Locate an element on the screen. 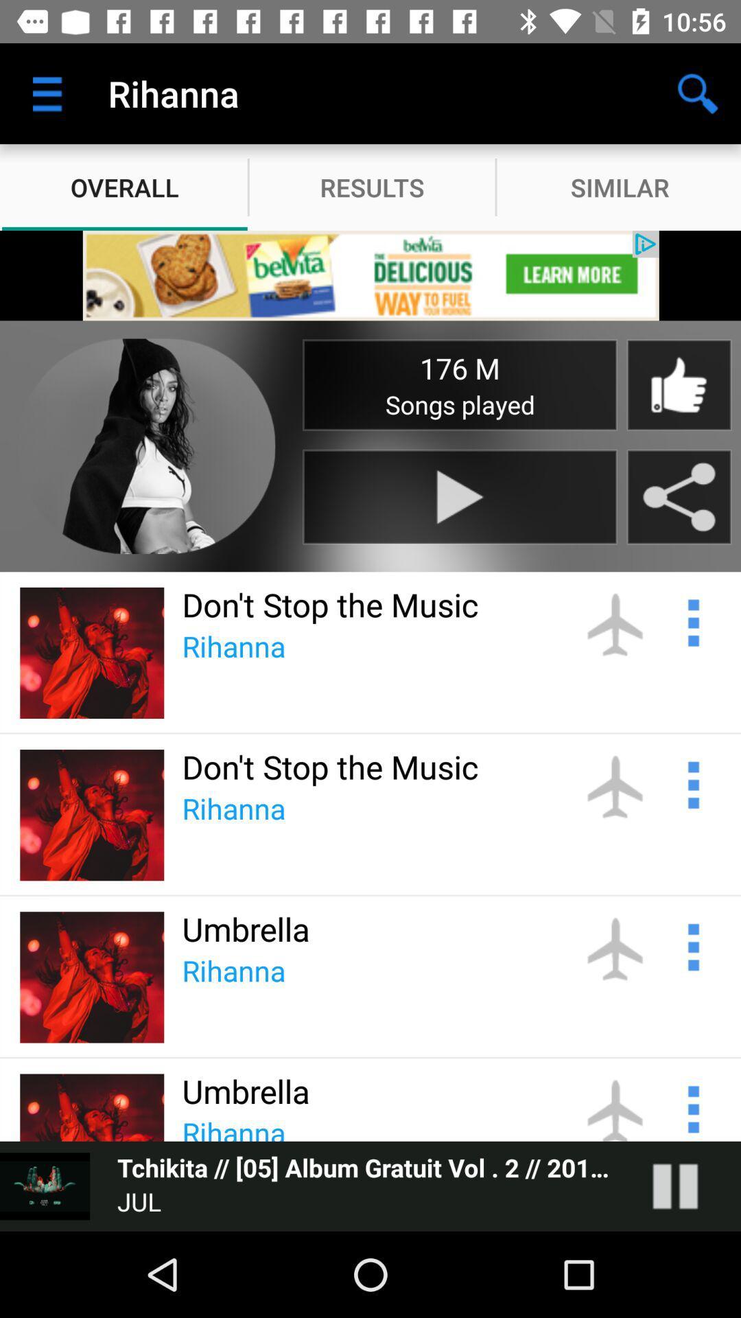  the pause icon is located at coordinates (689, 1186).